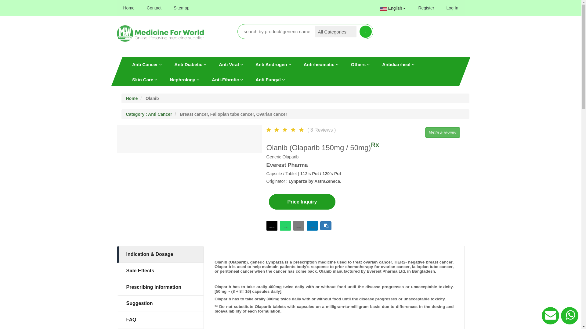 The image size is (586, 329). I want to click on 'Anti-Fibrotic', so click(227, 79).